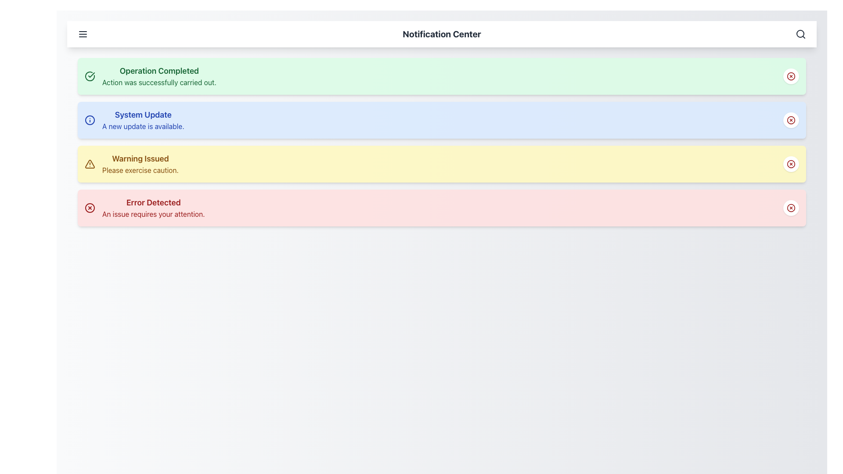 This screenshot has height=474, width=843. Describe the element at coordinates (791, 120) in the screenshot. I see `the circular button with a red 'X' icon located at the top-right corner of the 'System Update' notification card` at that location.